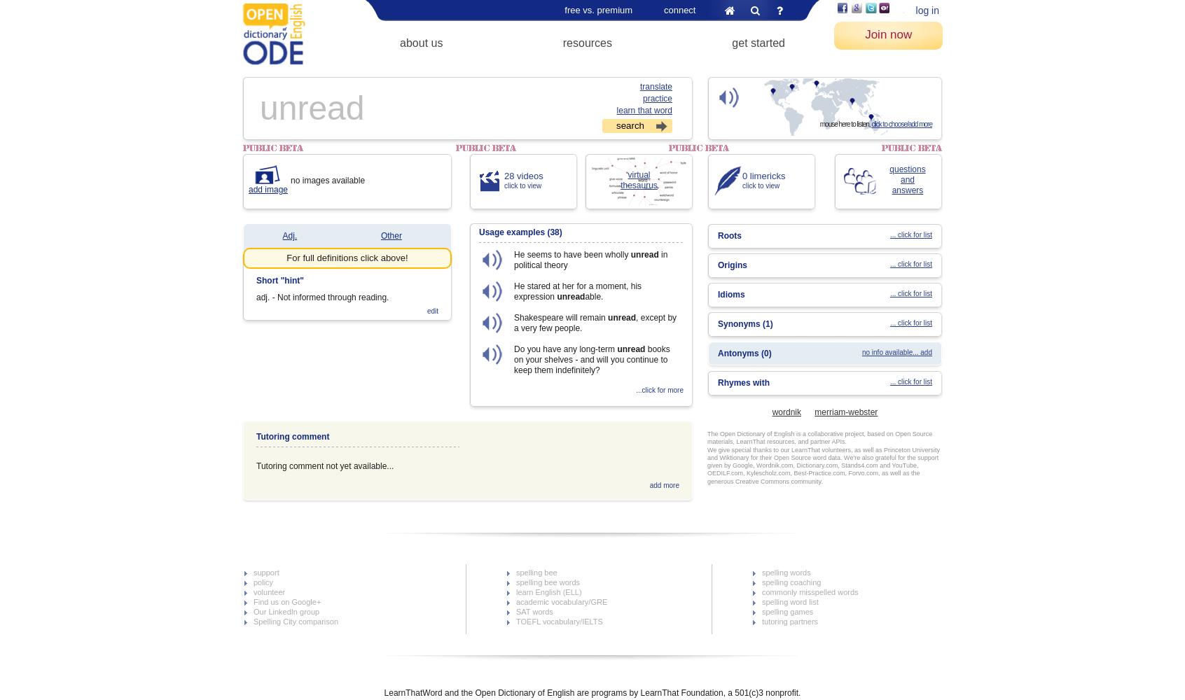 Image resolution: width=1185 pixels, height=700 pixels. Describe the element at coordinates (906, 180) in the screenshot. I see `'and'` at that location.